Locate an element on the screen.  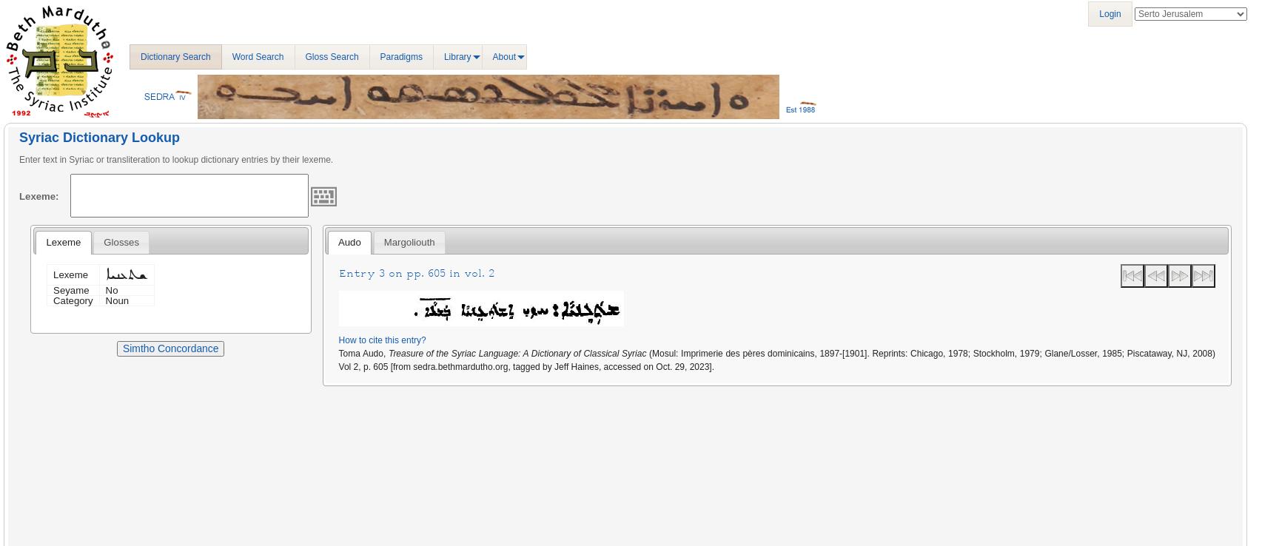
'Word Search' is located at coordinates (256, 55).